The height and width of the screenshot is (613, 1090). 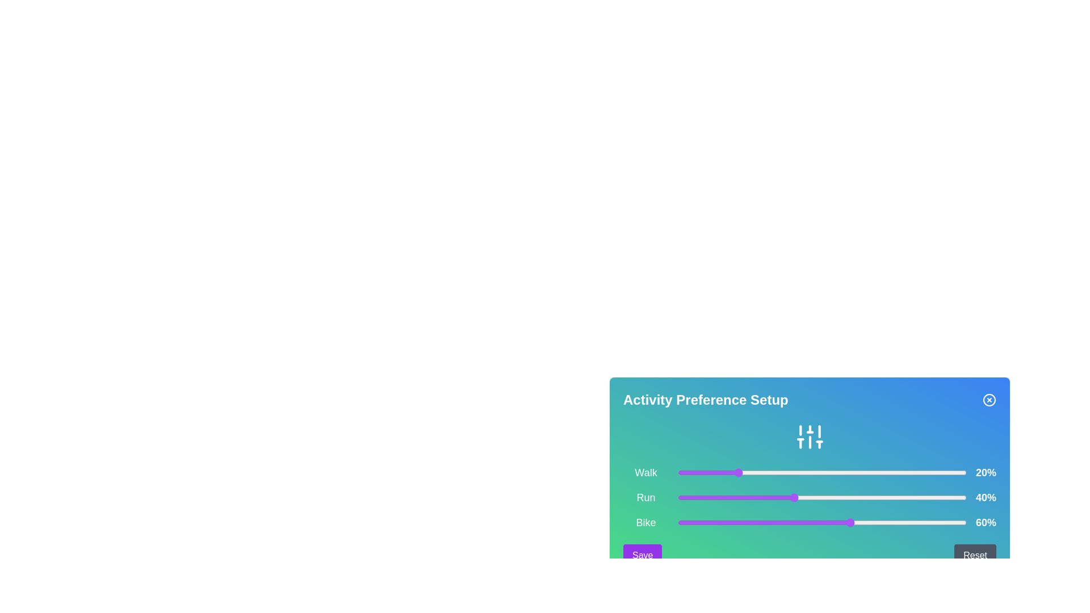 What do you see at coordinates (975, 555) in the screenshot?
I see `reset button to reset the preferences` at bounding box center [975, 555].